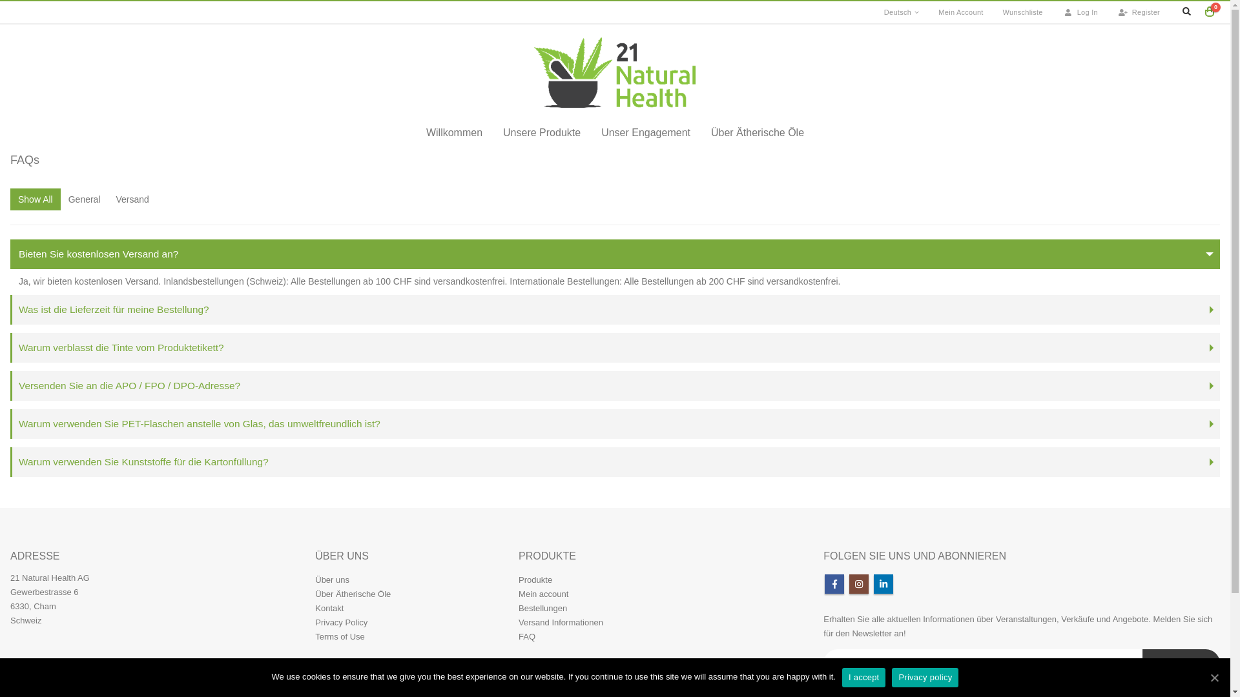  I want to click on 'Versand', so click(132, 199).